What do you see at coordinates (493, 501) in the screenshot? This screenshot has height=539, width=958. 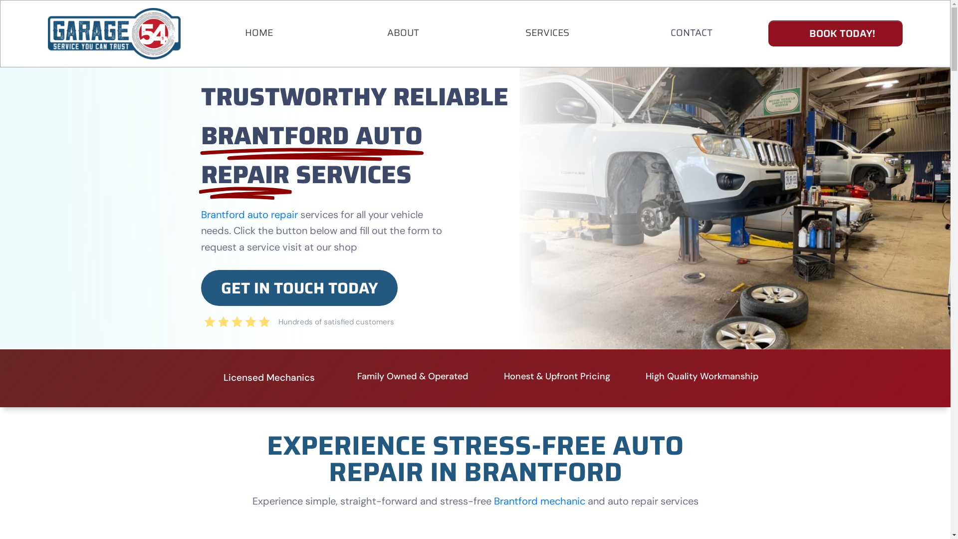 I see `'Brantford mechanic'` at bounding box center [493, 501].